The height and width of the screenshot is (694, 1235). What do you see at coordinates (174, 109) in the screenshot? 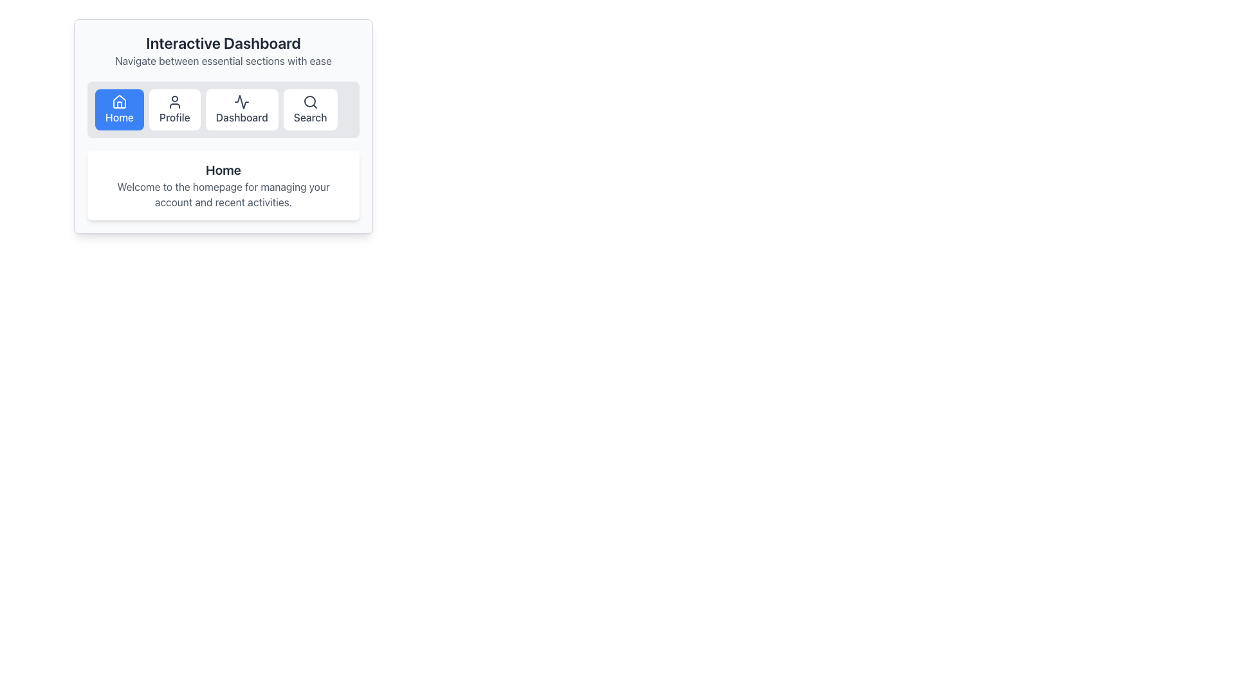
I see `the navigation button located centrally in the interface, which is the second item in a row of four elements` at bounding box center [174, 109].